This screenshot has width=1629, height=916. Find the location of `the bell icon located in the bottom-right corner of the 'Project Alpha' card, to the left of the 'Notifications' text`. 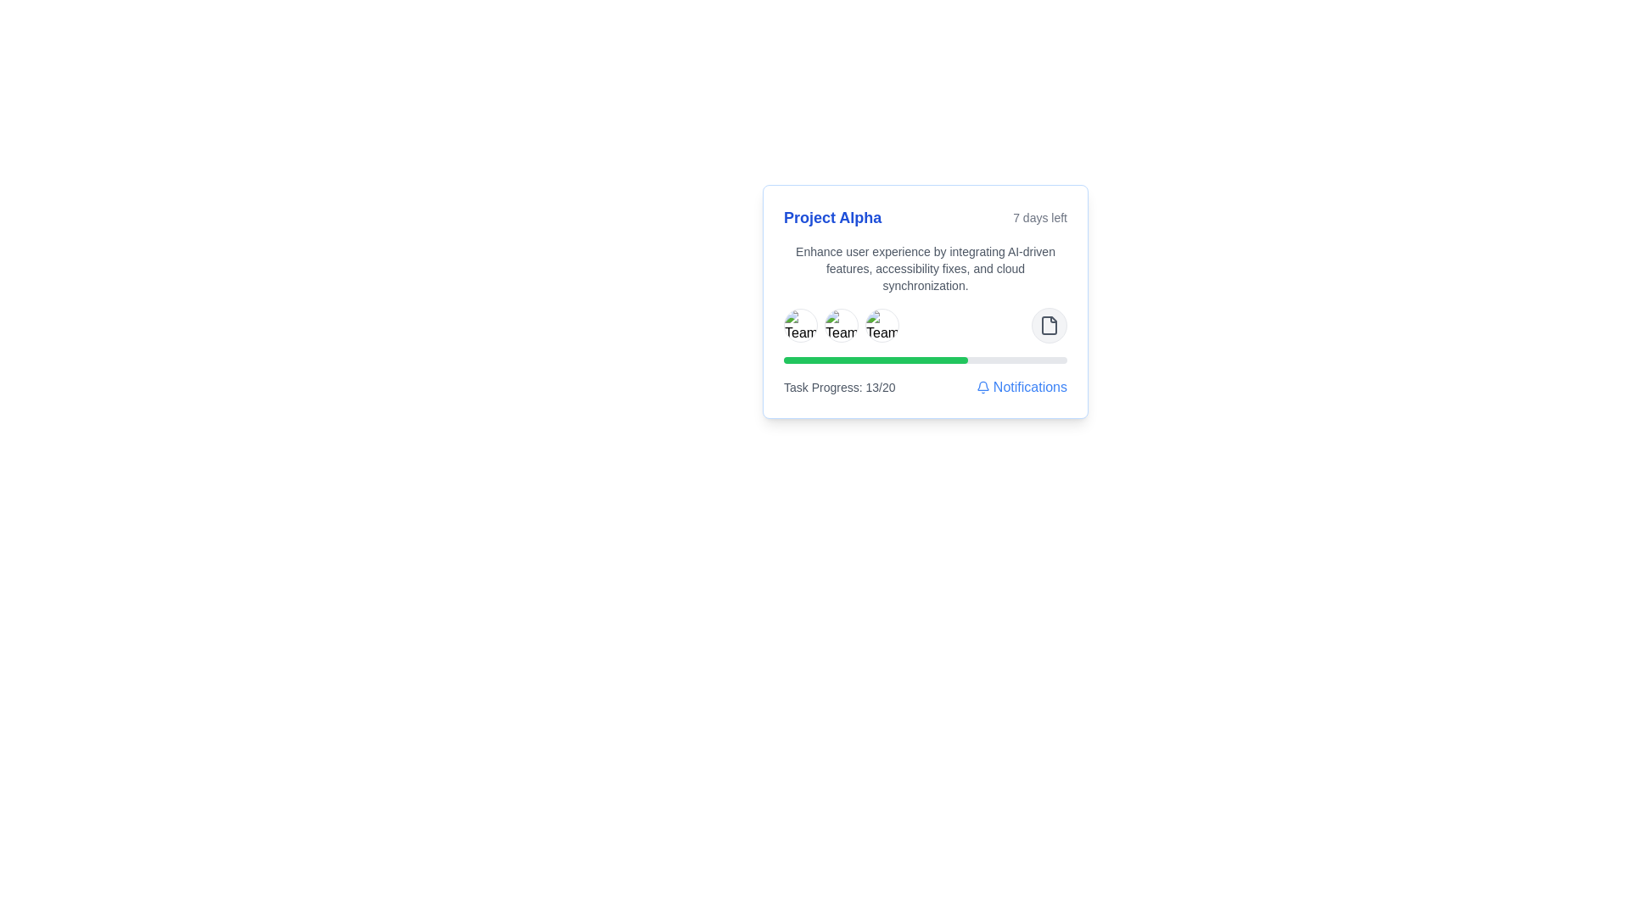

the bell icon located in the bottom-right corner of the 'Project Alpha' card, to the left of the 'Notifications' text is located at coordinates (982, 387).